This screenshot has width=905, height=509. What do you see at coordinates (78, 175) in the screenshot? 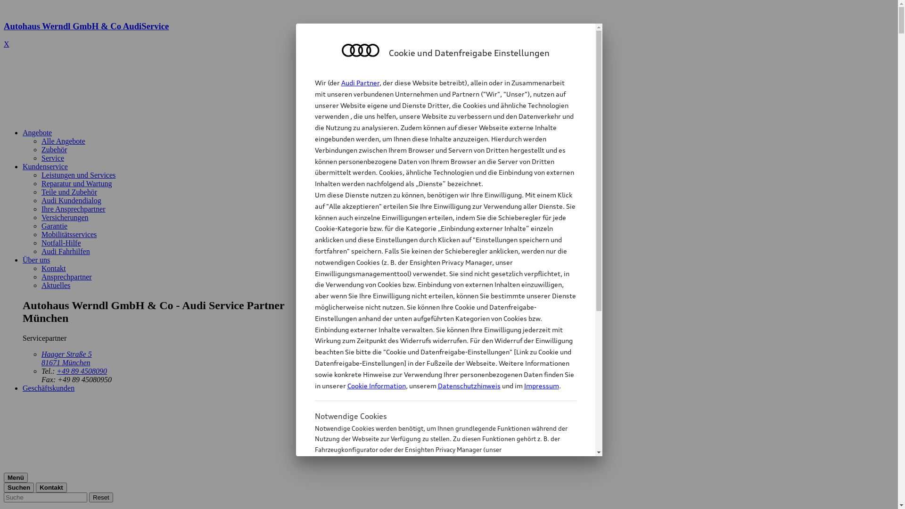
I see `'Leistungen und Services'` at bounding box center [78, 175].